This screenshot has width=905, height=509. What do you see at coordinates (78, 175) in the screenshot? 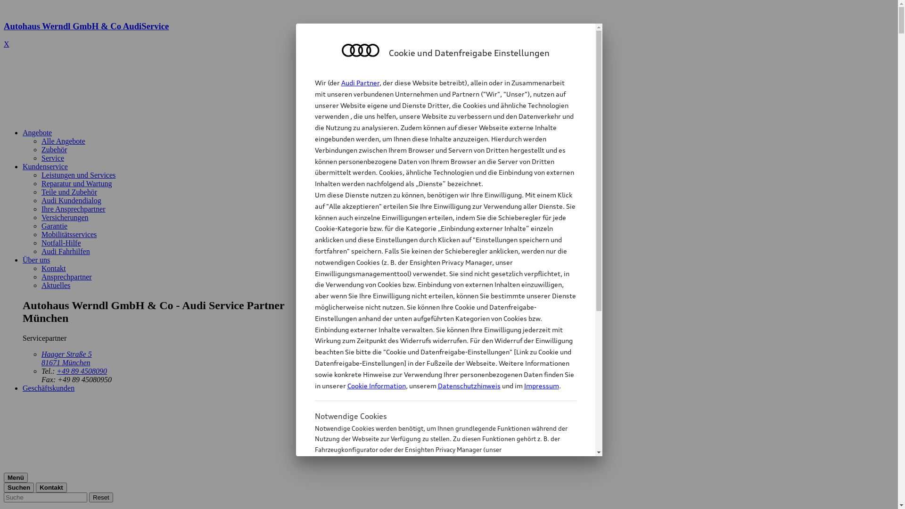
I see `'Leistungen und Services'` at bounding box center [78, 175].